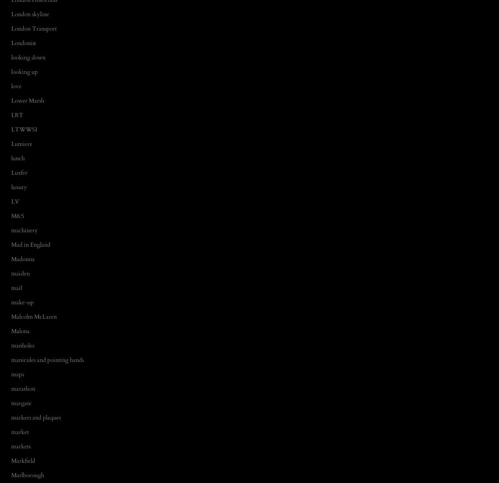 Image resolution: width=499 pixels, height=483 pixels. I want to click on 'luxury', so click(19, 186).